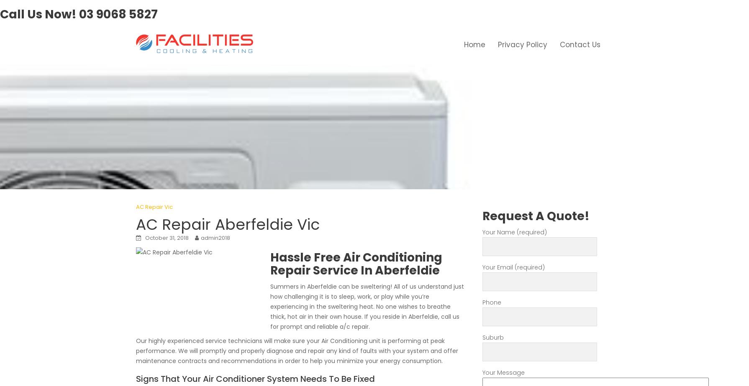  Describe the element at coordinates (270, 264) in the screenshot. I see `'Hassle Free Air Conditioning Repair Service In Aberfeldie'` at that location.